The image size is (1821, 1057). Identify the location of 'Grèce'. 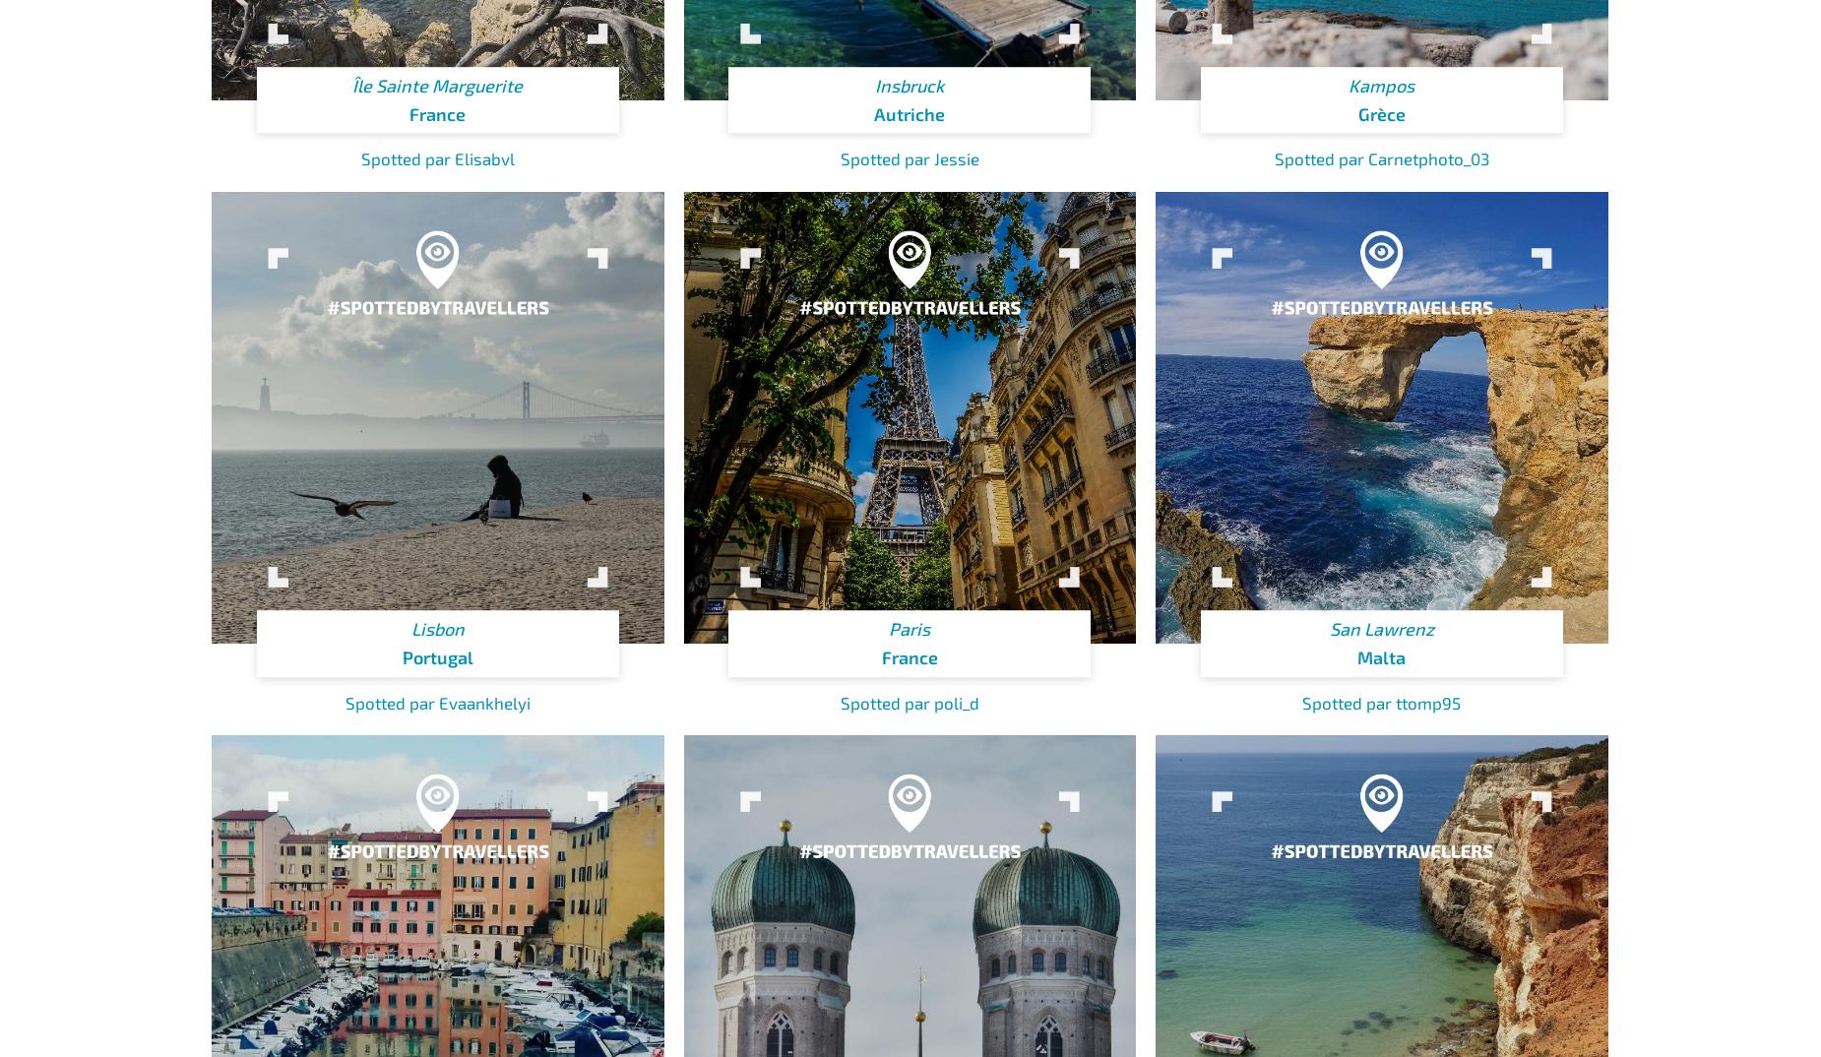
(1381, 112).